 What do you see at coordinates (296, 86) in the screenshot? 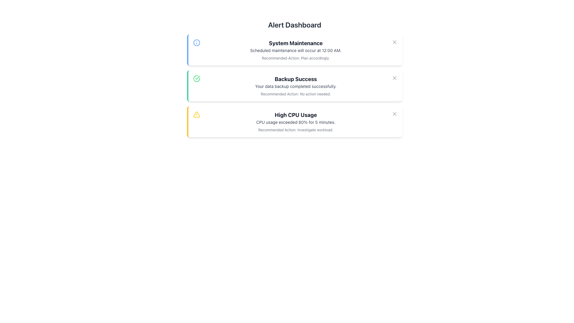
I see `information message indicating the successful completion of the data backup process, which is positioned below the 'Backup Success' header in the green notification card` at bounding box center [296, 86].